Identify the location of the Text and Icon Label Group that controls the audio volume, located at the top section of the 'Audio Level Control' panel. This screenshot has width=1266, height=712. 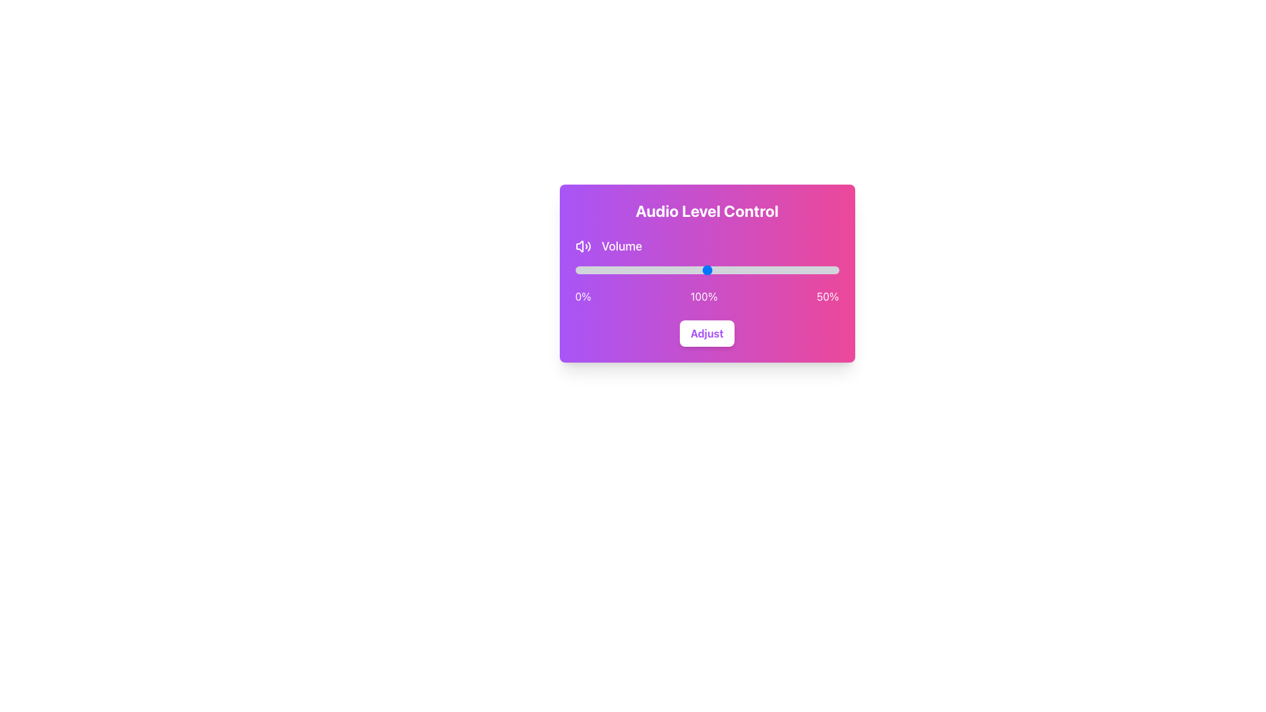
(706, 247).